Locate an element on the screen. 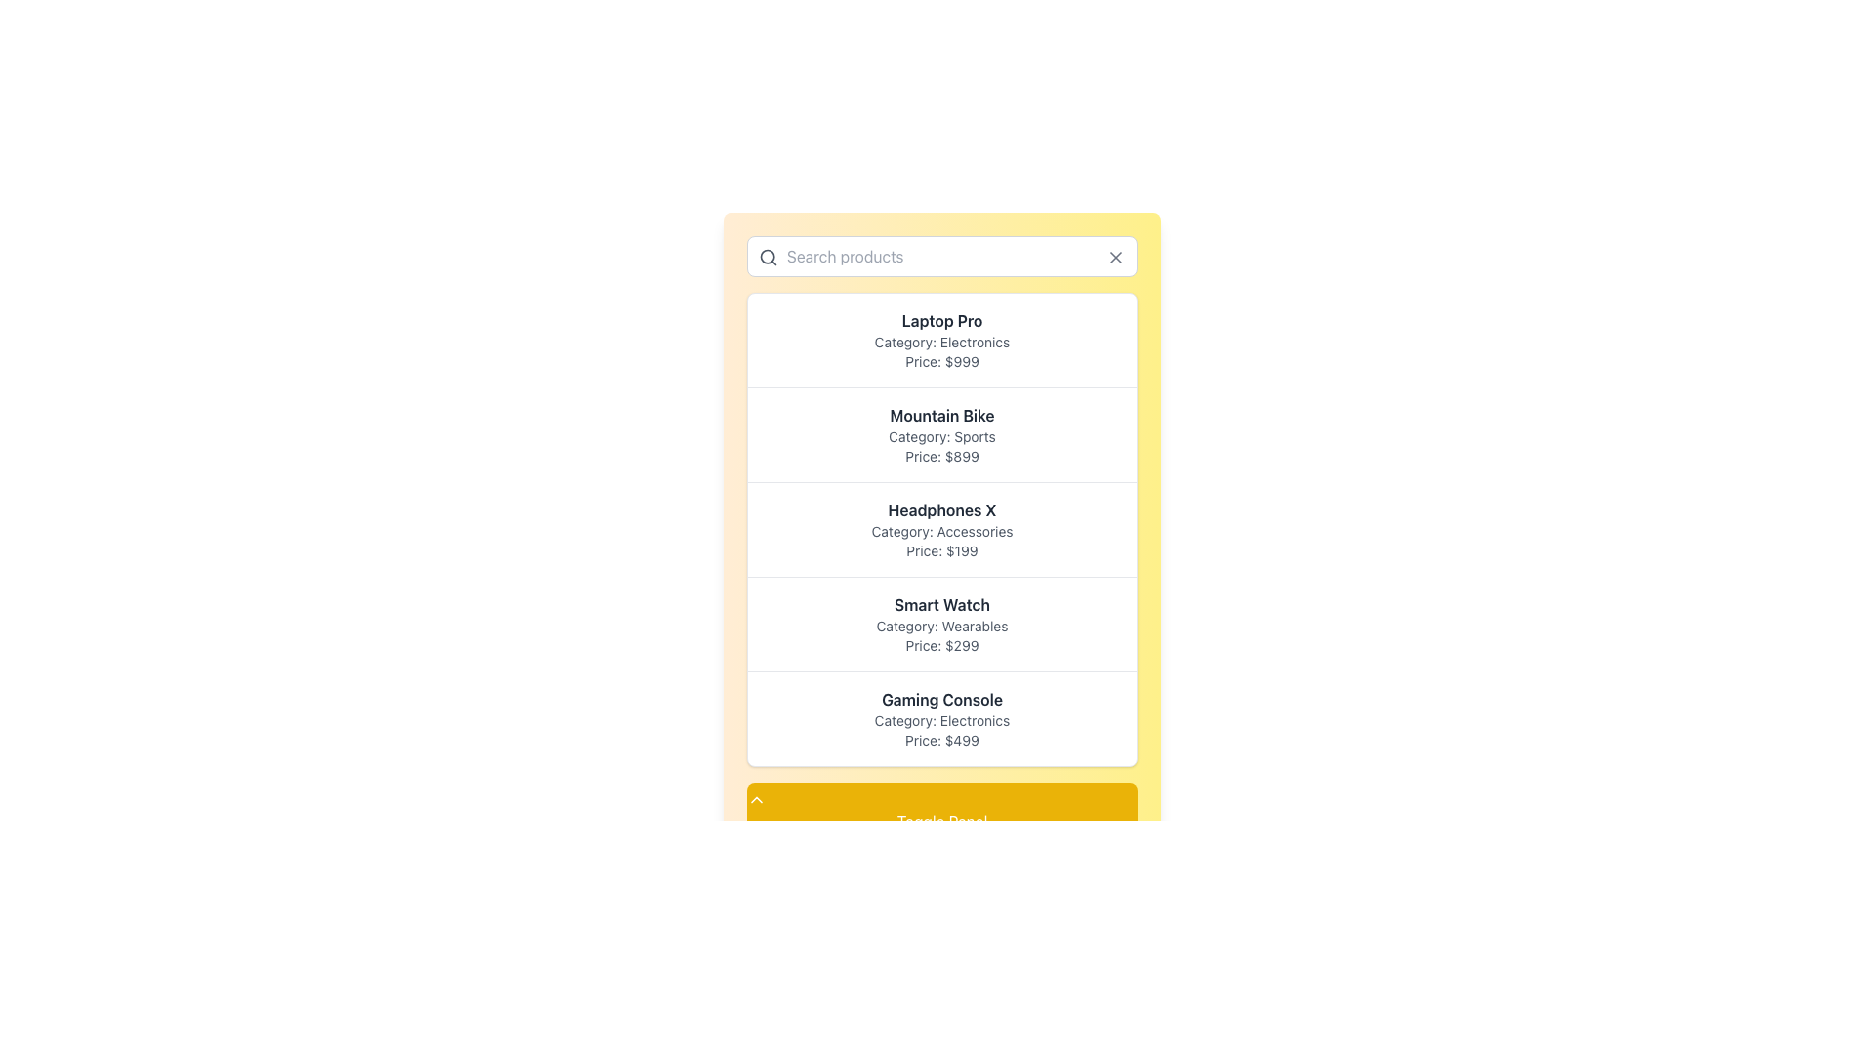 This screenshot has width=1875, height=1054. the price information text label for the product 'Headphones X', located at the bottom of its description group is located at coordinates (941, 550).